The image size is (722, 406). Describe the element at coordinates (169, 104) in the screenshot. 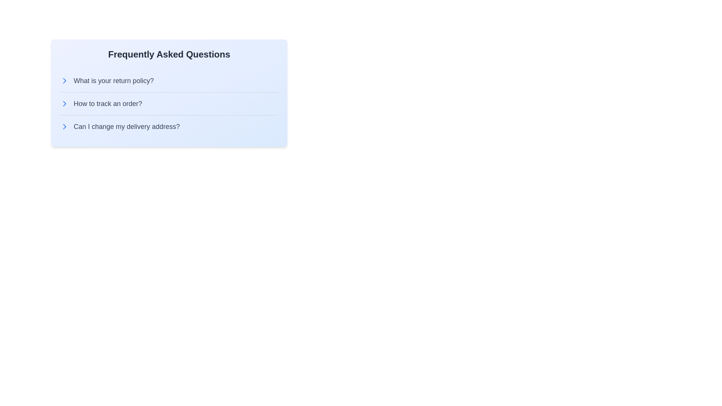

I see `the FAQ button located between 'What is your return policy?' and 'Can I change my delivery address?'` at that location.